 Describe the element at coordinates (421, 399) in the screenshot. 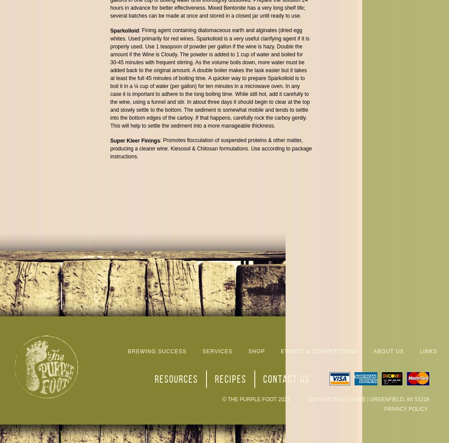

I see `'53219'` at that location.